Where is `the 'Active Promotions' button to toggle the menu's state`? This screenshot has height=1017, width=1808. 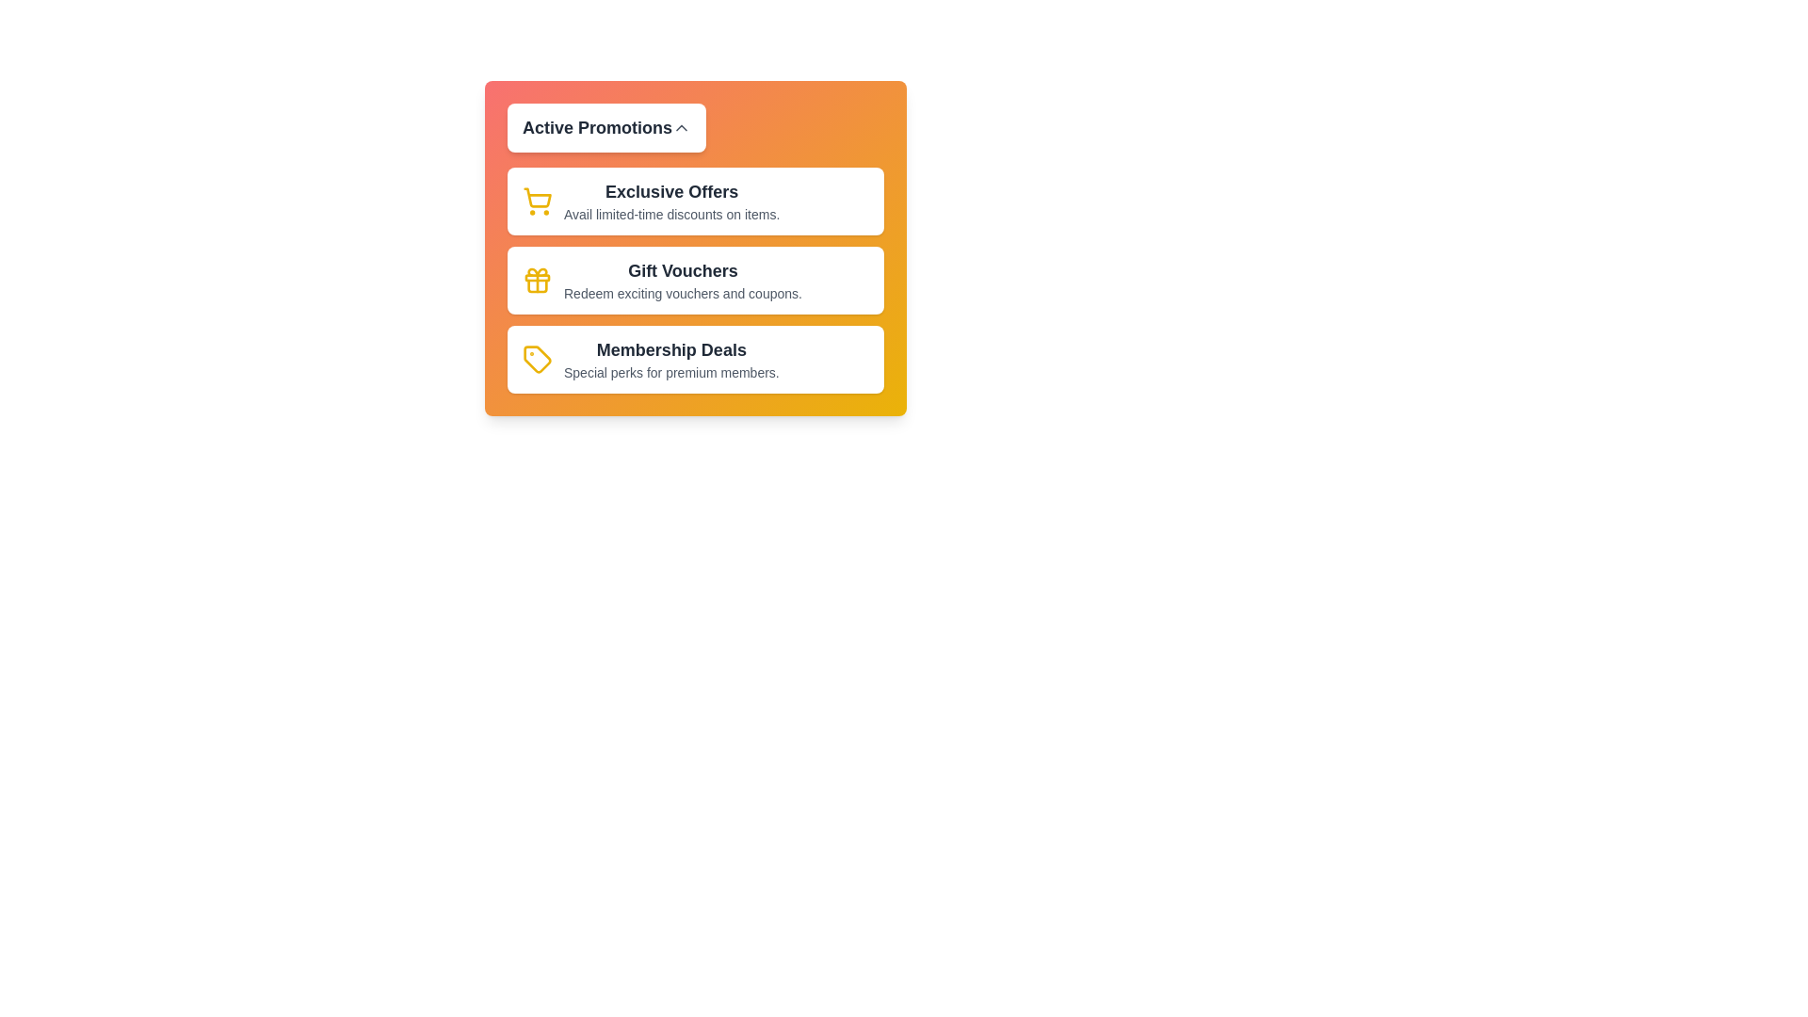 the 'Active Promotions' button to toggle the menu's state is located at coordinates (606, 127).